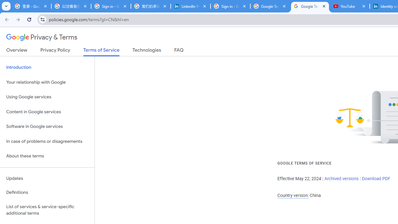  I want to click on 'Your relationship with Google', so click(47, 82).